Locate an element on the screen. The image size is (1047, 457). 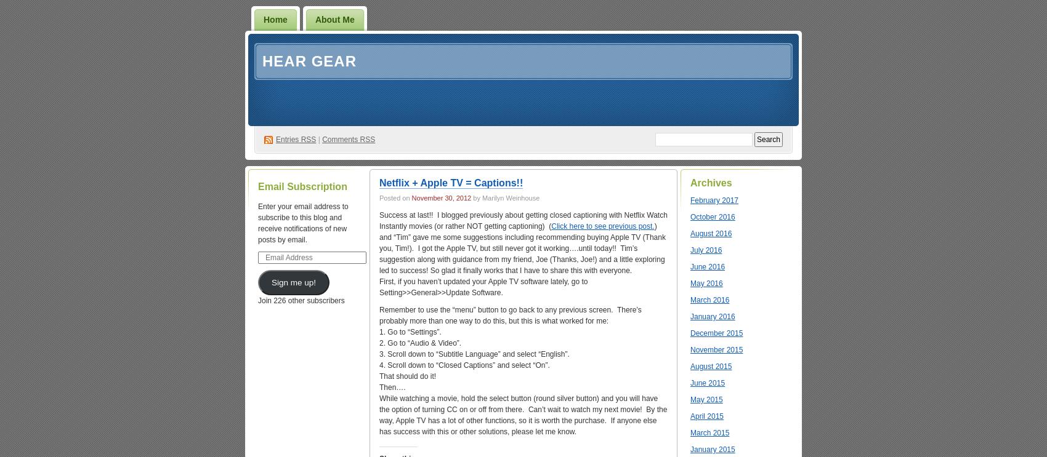
'Click here to see previous post.' is located at coordinates (602, 226).